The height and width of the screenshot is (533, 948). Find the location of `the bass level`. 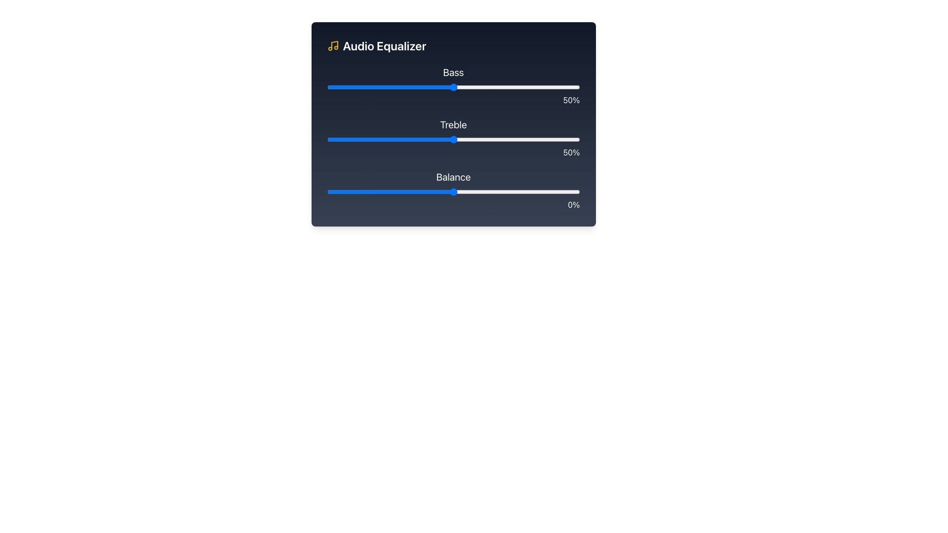

the bass level is located at coordinates (512, 87).